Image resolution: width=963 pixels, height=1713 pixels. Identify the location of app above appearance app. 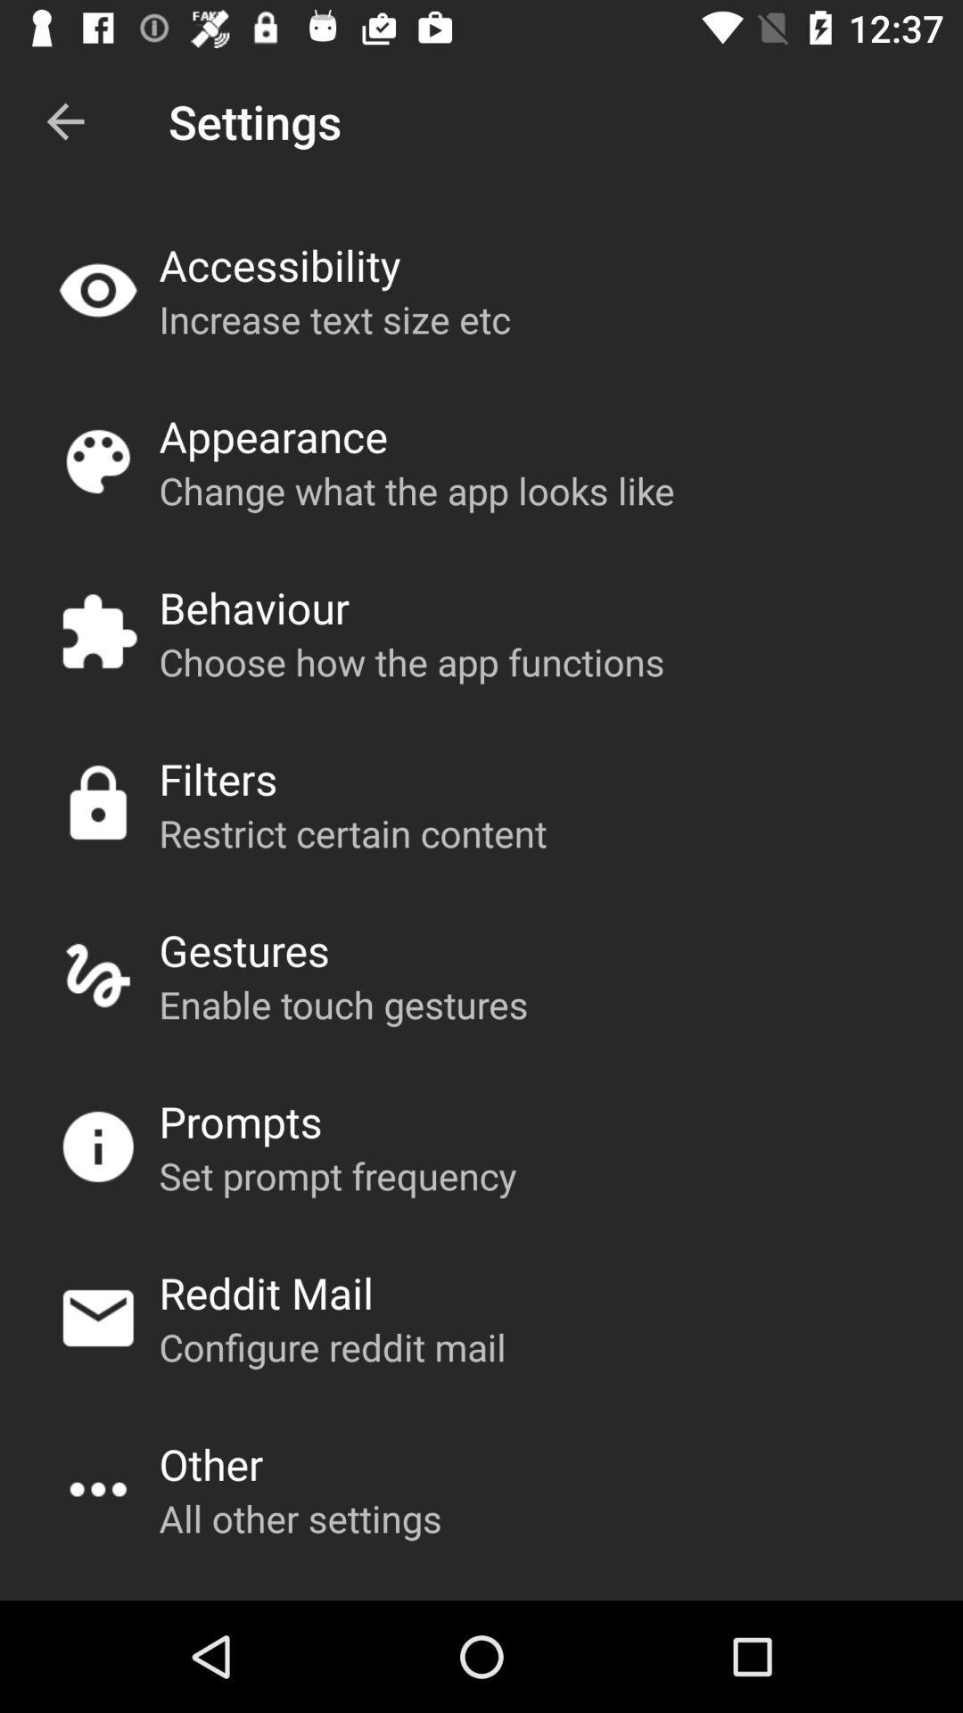
(334, 319).